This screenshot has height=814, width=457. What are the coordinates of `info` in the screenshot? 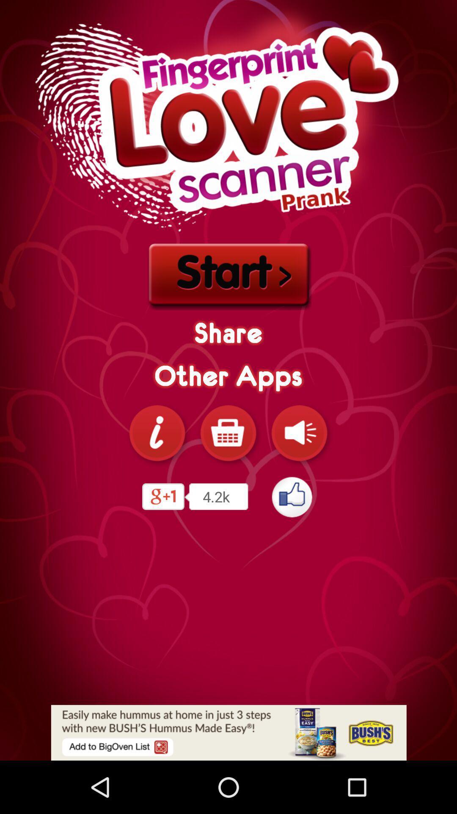 It's located at (157, 433).